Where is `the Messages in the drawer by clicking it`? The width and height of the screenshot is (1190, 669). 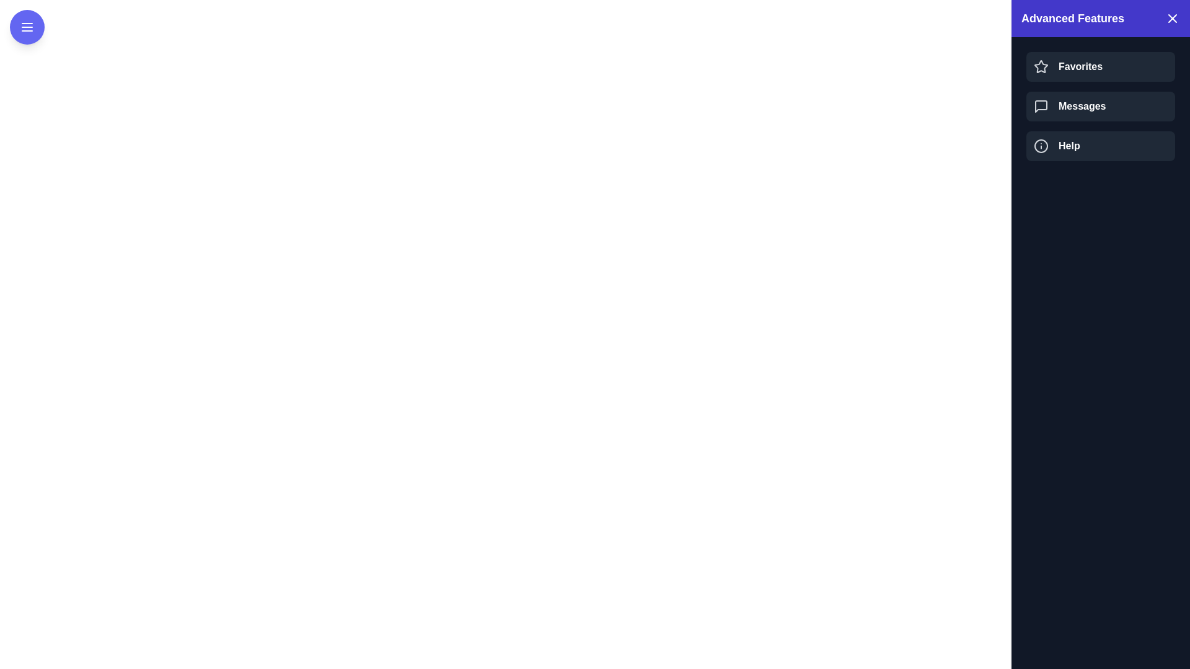
the Messages in the drawer by clicking it is located at coordinates (1101, 106).